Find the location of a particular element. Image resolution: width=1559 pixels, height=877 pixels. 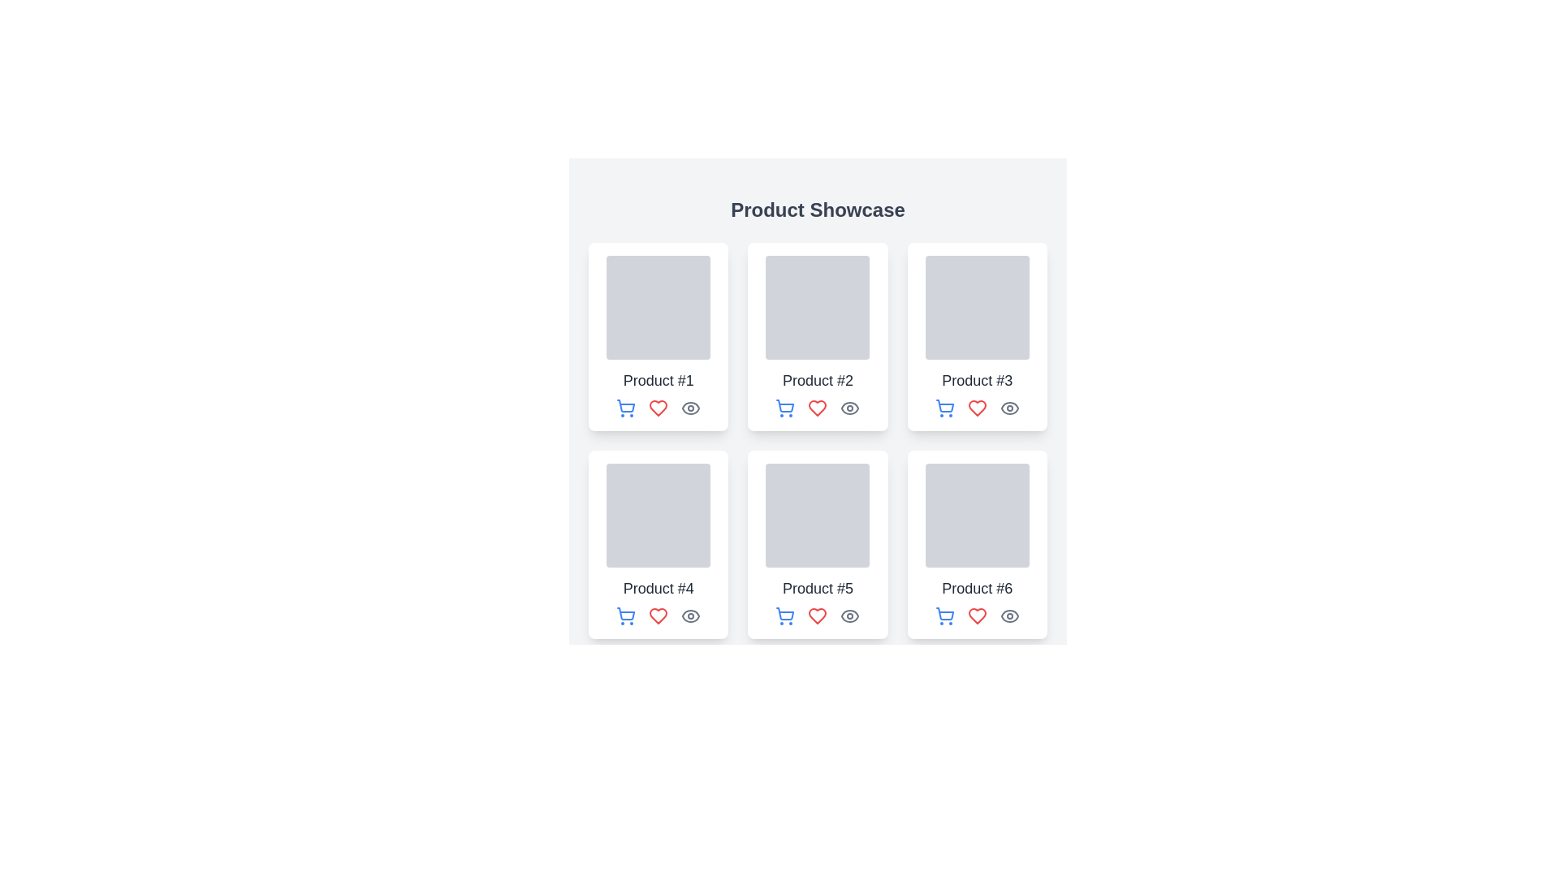

the shopping cart button is located at coordinates (625, 407).